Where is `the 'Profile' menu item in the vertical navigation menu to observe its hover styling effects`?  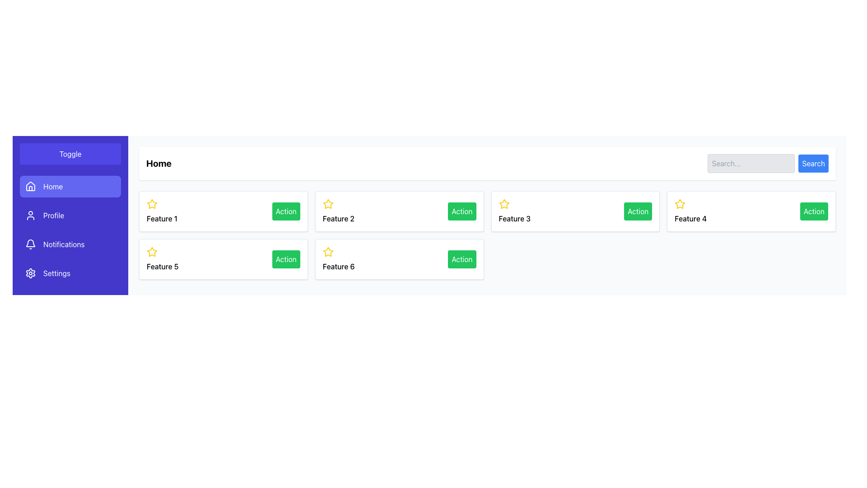 the 'Profile' menu item in the vertical navigation menu to observe its hover styling effects is located at coordinates (70, 216).